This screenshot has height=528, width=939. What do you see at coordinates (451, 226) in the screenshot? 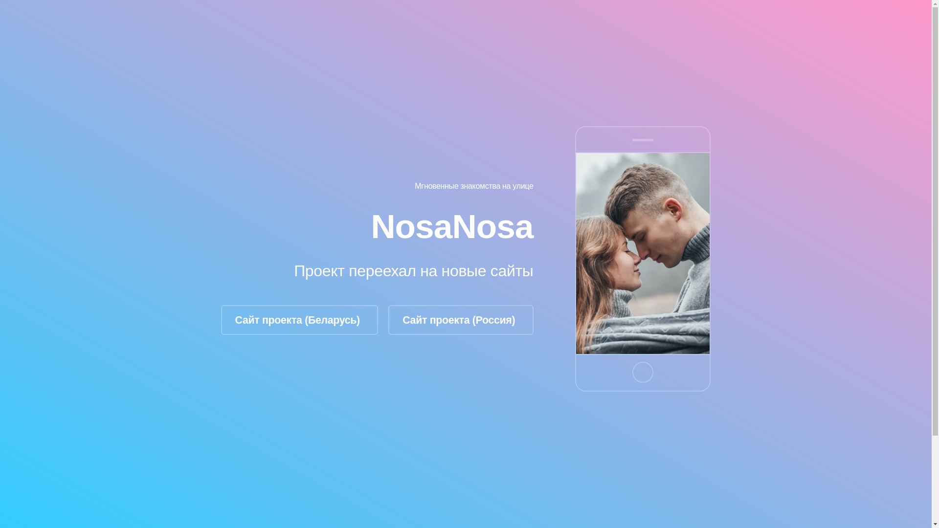
I see `'NosaNosa'` at bounding box center [451, 226].